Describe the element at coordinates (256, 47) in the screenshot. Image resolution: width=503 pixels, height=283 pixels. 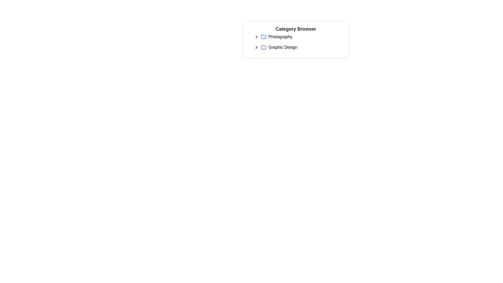
I see `the Chevron icon located to the left of the 'Graphic Design' text in the 'Category Browser' interface` at that location.